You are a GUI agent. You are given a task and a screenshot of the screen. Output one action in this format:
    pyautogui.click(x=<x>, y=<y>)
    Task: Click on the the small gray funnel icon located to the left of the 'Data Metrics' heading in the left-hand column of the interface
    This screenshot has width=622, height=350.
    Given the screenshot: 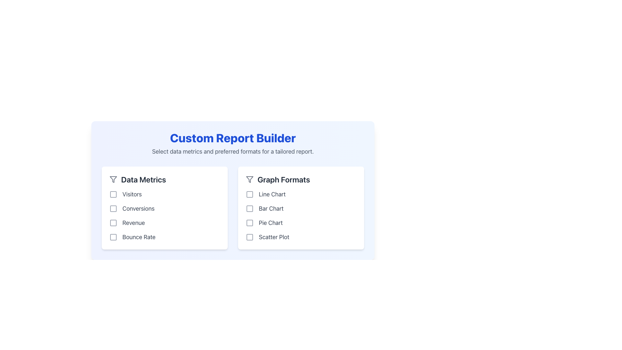 What is the action you would take?
    pyautogui.click(x=113, y=180)
    